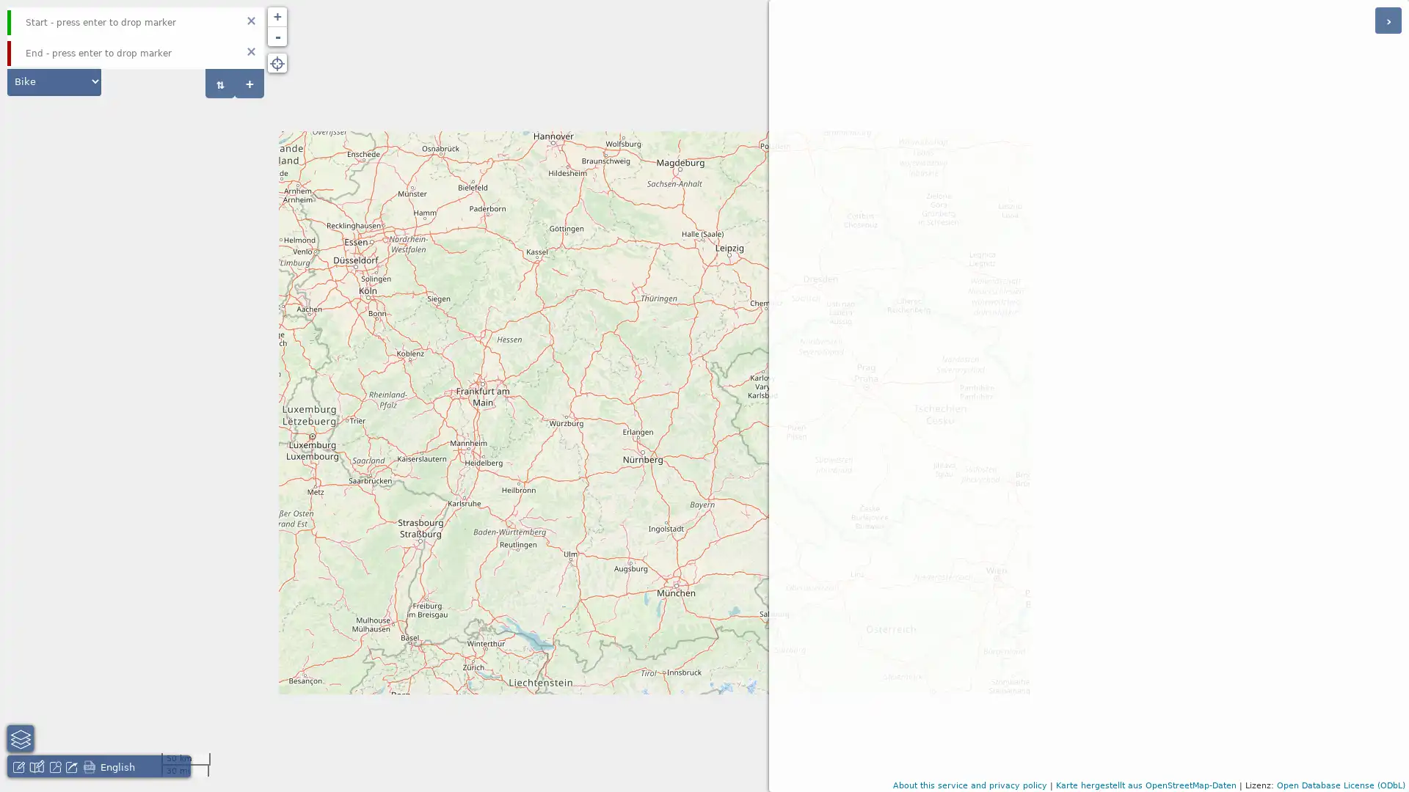 The image size is (1409, 792). I want to click on +, so click(250, 84).